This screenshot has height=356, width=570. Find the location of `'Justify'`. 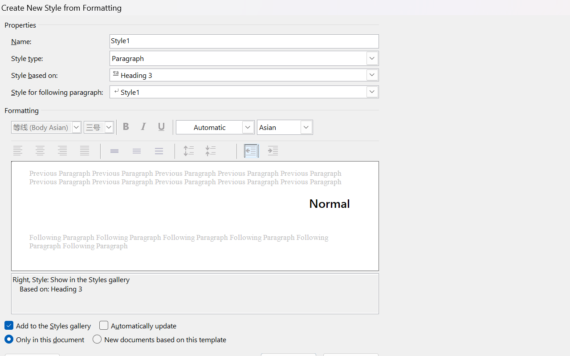

'Justify' is located at coordinates (85, 151).